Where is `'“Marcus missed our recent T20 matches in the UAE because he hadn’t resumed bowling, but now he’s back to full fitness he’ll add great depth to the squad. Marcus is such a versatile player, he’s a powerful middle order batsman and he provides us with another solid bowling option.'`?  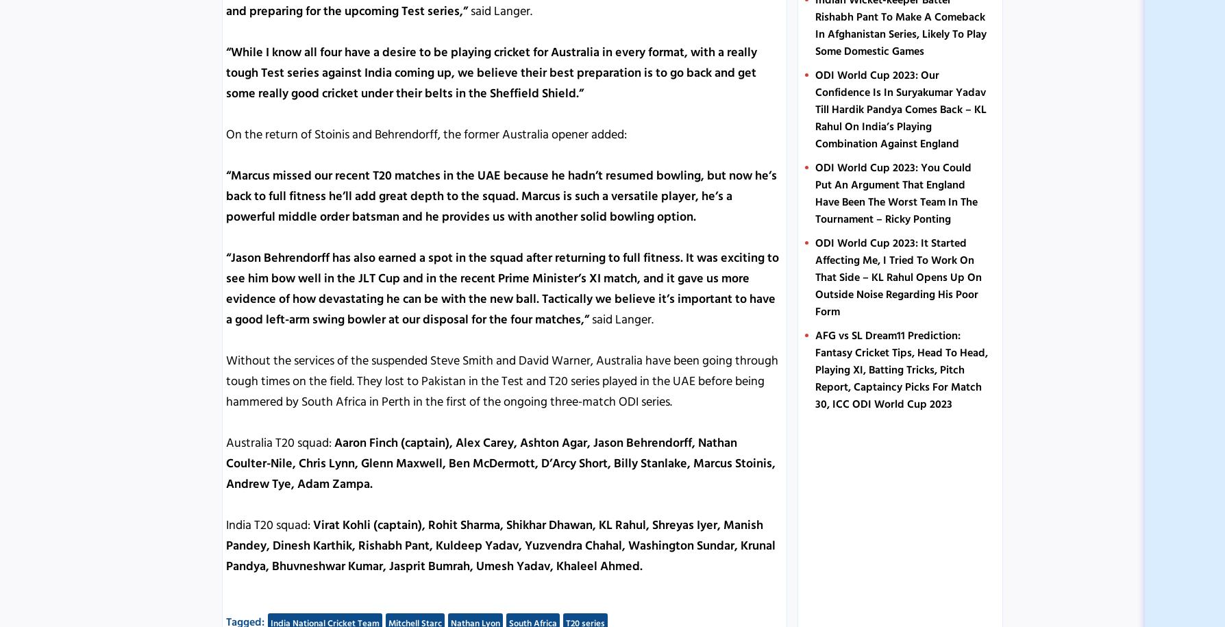
'“Marcus missed our recent T20 matches in the UAE because he hadn’t resumed bowling, but now he’s back to full fitness he’ll add great depth to the squad. Marcus is such a versatile player, he’s a powerful middle order batsman and he provides us with another solid bowling option.' is located at coordinates (225, 195).